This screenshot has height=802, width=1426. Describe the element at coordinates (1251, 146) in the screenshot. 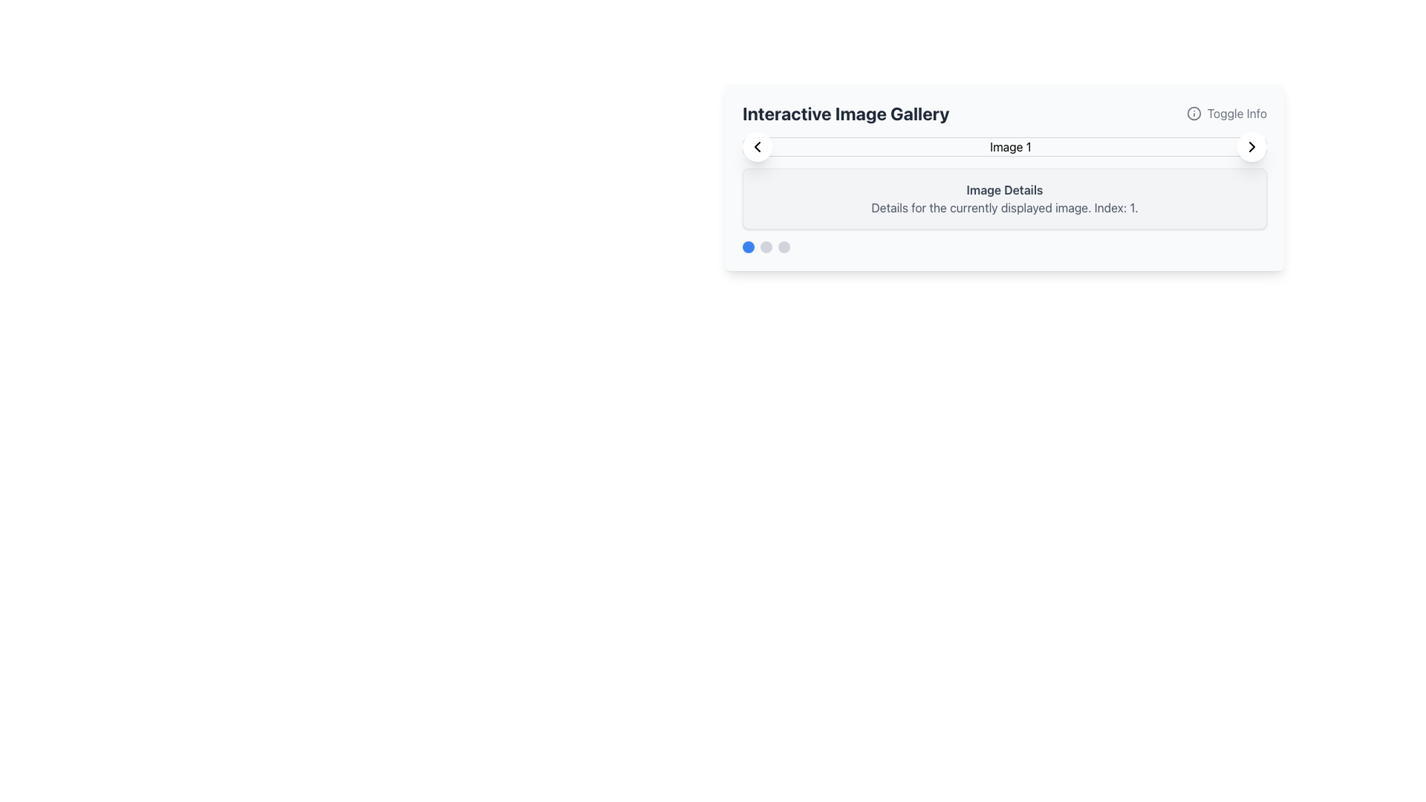

I see `the rightward-pointing chevron icon within the circular button located in the top-right corner of the navigation header` at that location.